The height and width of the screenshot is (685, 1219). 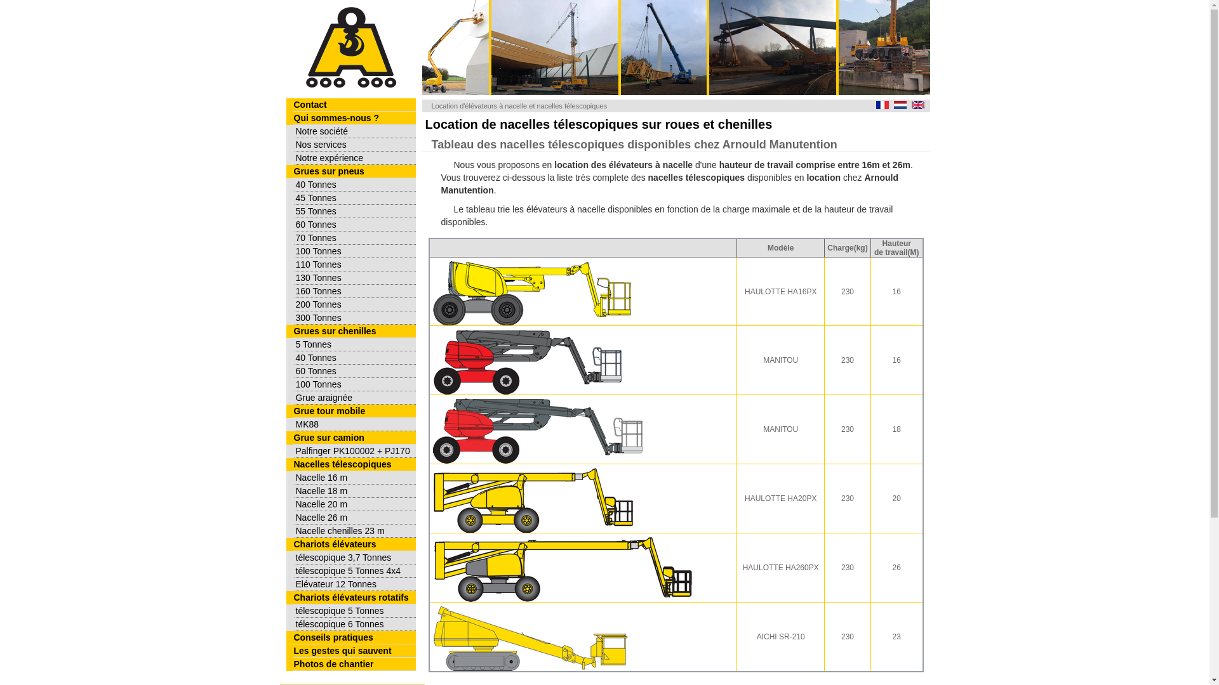 What do you see at coordinates (355, 264) in the screenshot?
I see `'110 Tonnes'` at bounding box center [355, 264].